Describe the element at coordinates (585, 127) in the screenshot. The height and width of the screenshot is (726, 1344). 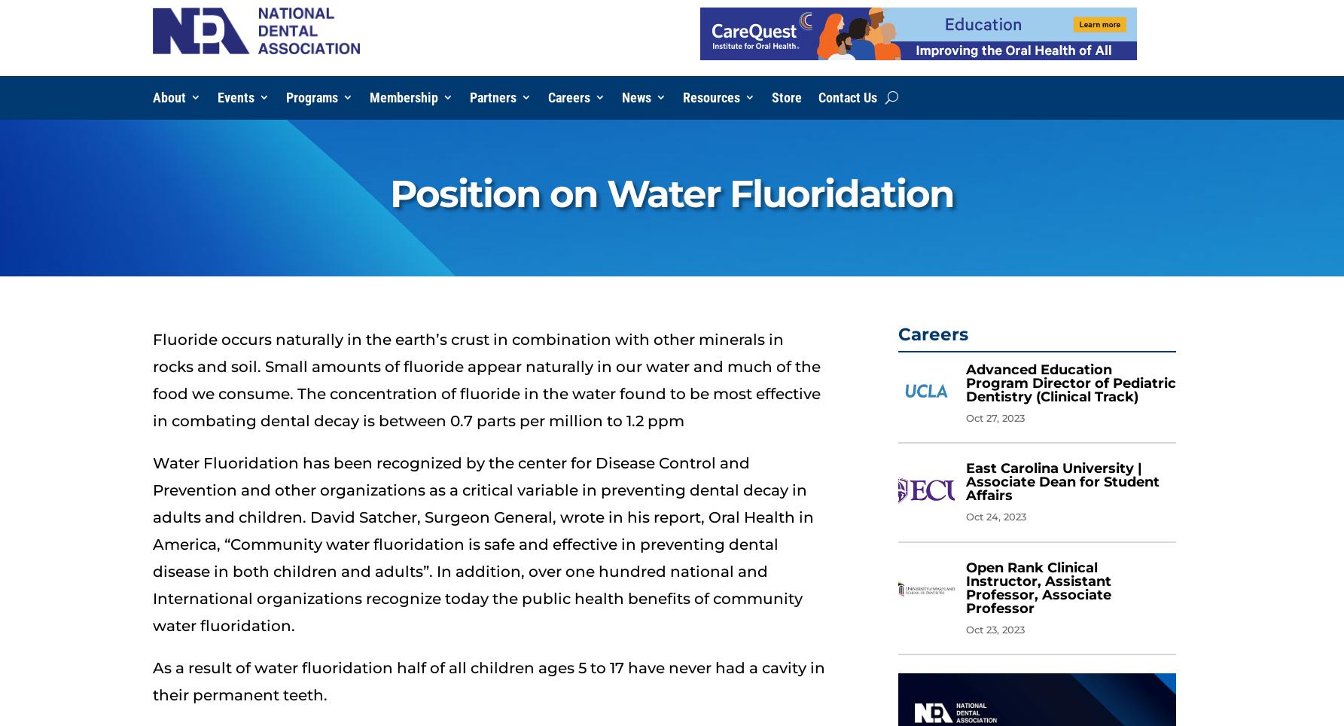
I see `'Job Listings'` at that location.